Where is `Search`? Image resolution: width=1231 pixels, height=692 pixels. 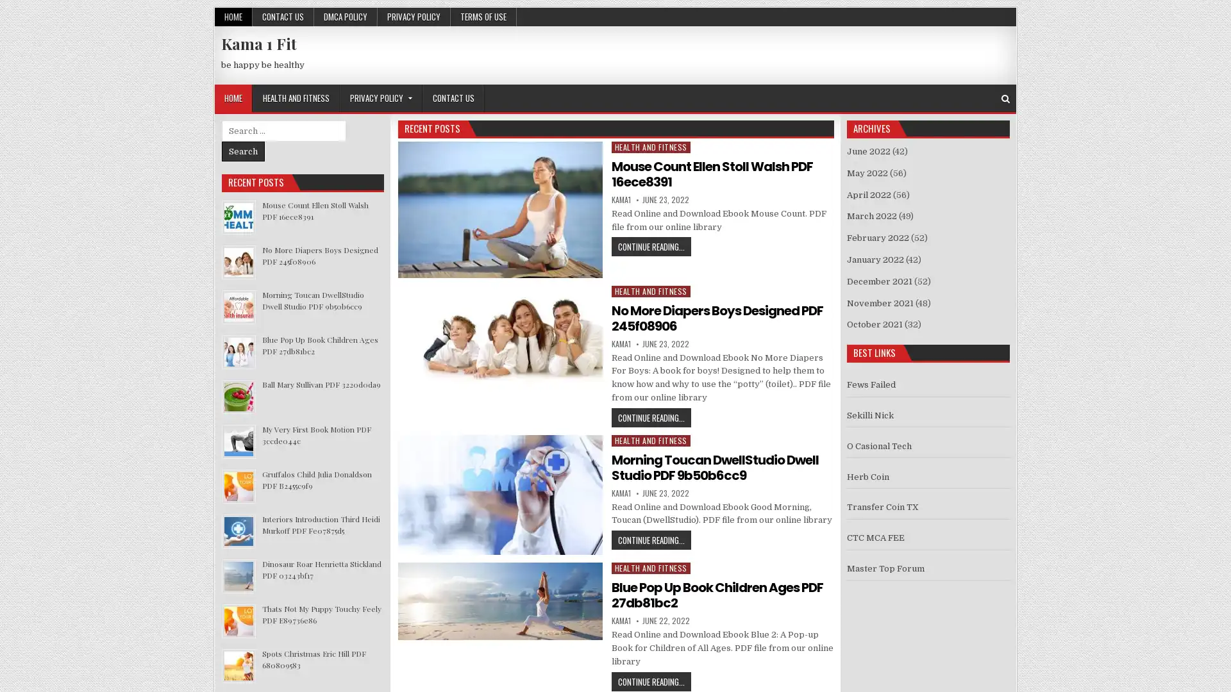 Search is located at coordinates (242, 151).